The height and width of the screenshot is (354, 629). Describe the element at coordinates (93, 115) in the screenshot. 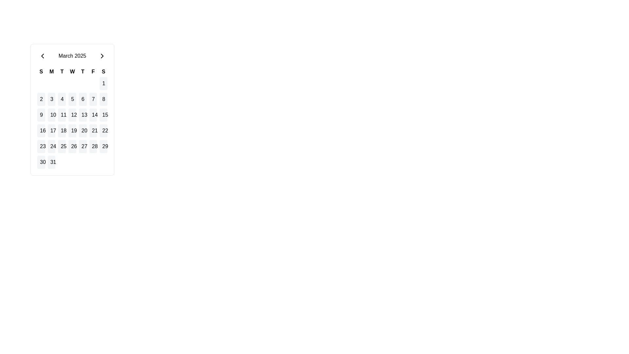

I see `the interactive cell representing the 14th day of March 2025 in the calendar grid` at that location.